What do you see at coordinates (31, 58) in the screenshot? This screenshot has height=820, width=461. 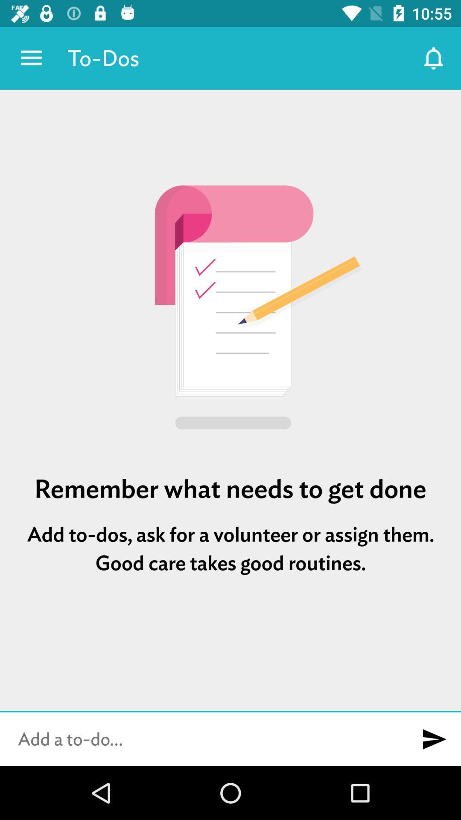 I see `item to the left of the to-dos` at bounding box center [31, 58].